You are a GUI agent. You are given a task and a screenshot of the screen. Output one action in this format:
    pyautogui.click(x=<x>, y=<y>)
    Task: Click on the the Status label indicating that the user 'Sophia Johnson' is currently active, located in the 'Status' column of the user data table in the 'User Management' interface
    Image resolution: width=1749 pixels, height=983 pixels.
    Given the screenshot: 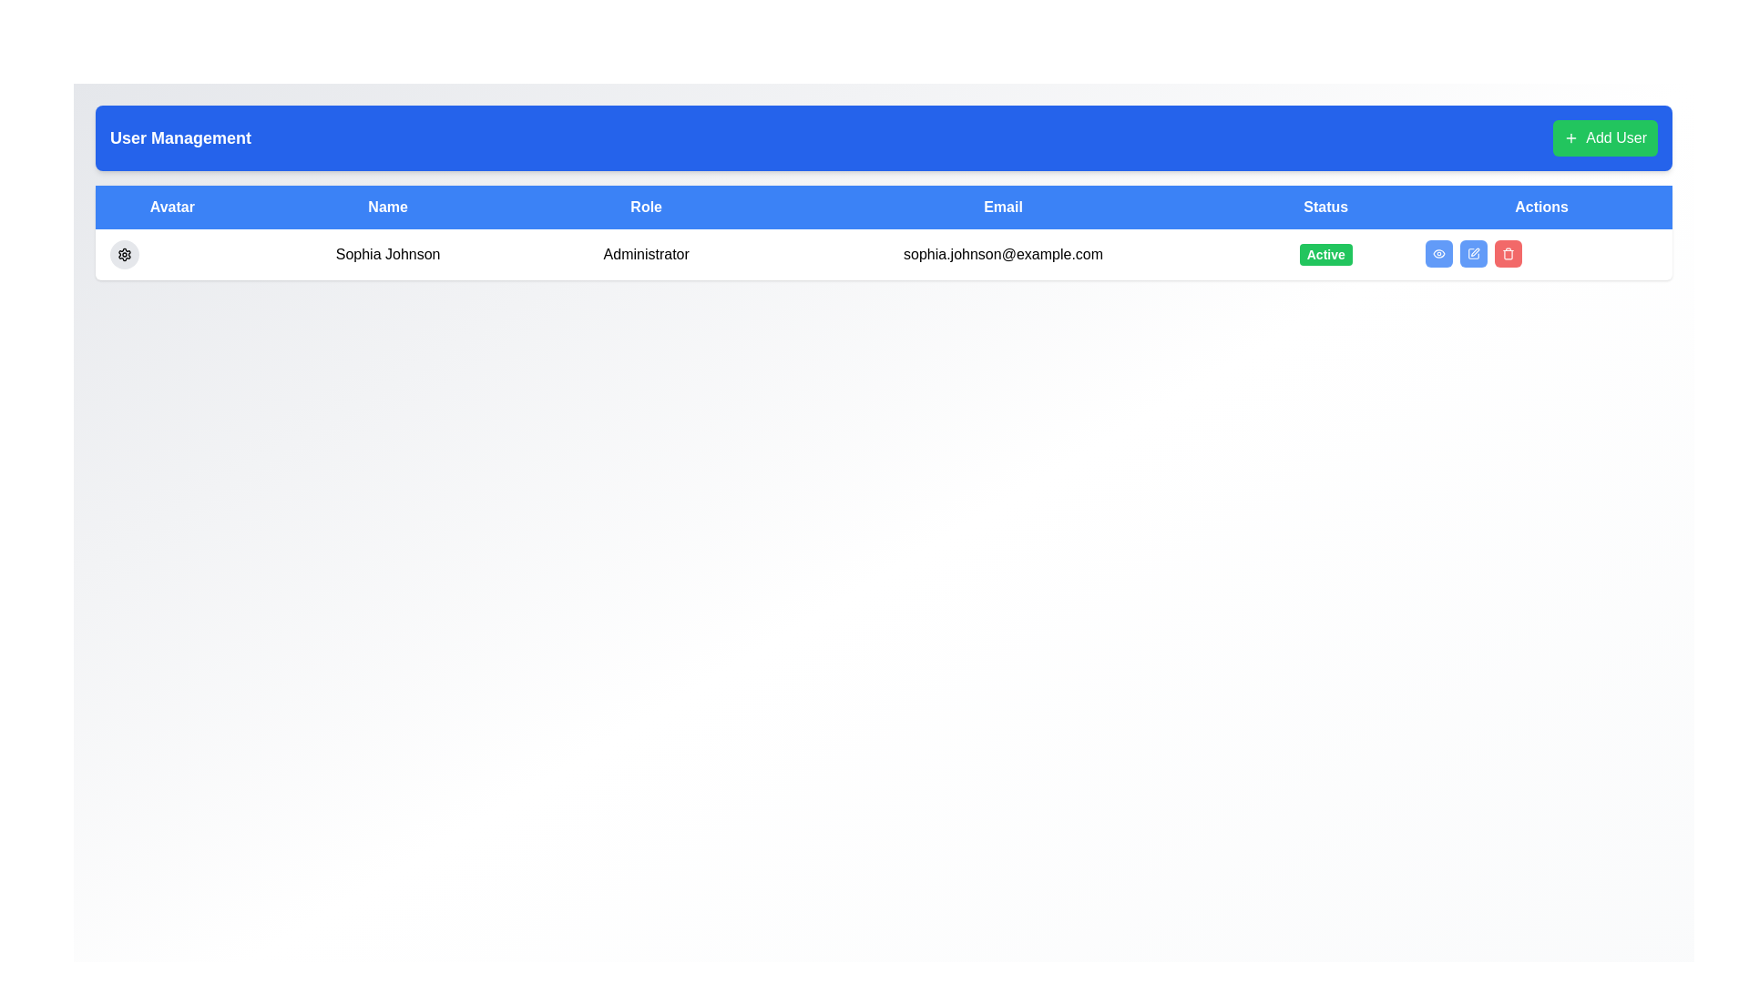 What is the action you would take?
    pyautogui.click(x=1325, y=255)
    